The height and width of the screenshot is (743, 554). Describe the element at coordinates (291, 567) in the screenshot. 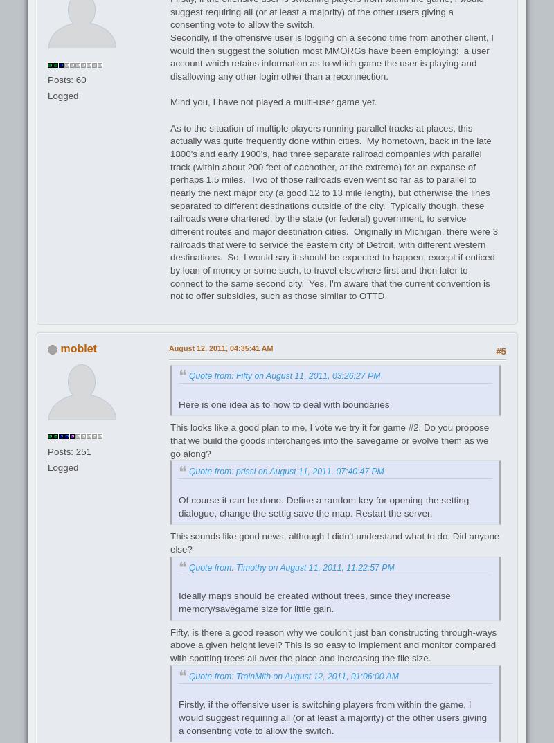

I see `'Quote from: Timothy on August 11, 2011, 11:22:57 PM'` at that location.